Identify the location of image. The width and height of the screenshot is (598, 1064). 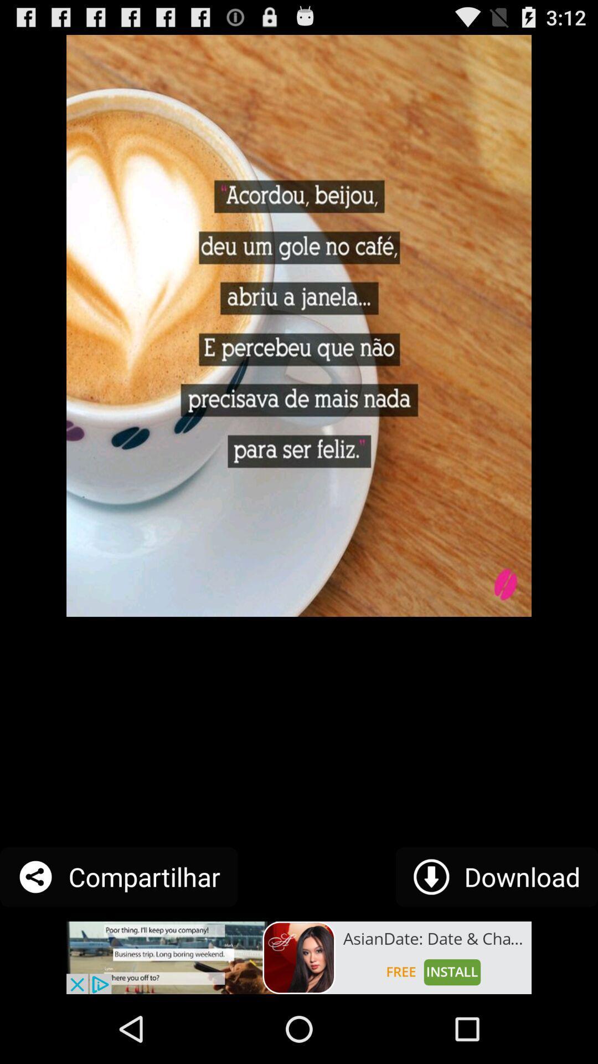
(299, 957).